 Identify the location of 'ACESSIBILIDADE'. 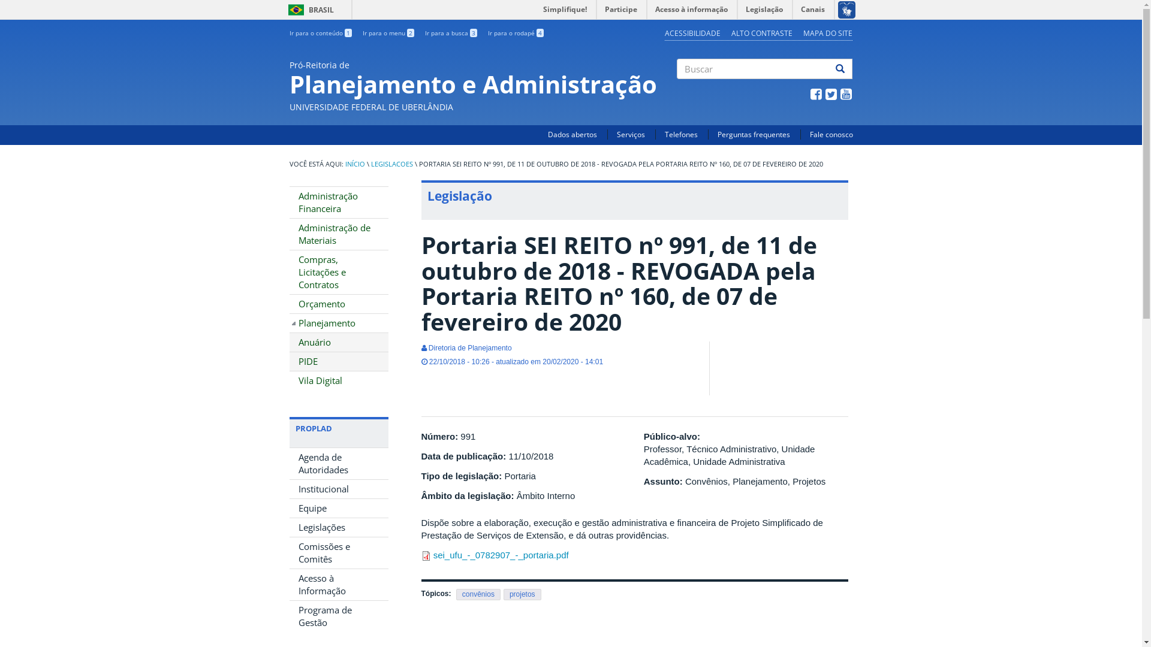
(692, 32).